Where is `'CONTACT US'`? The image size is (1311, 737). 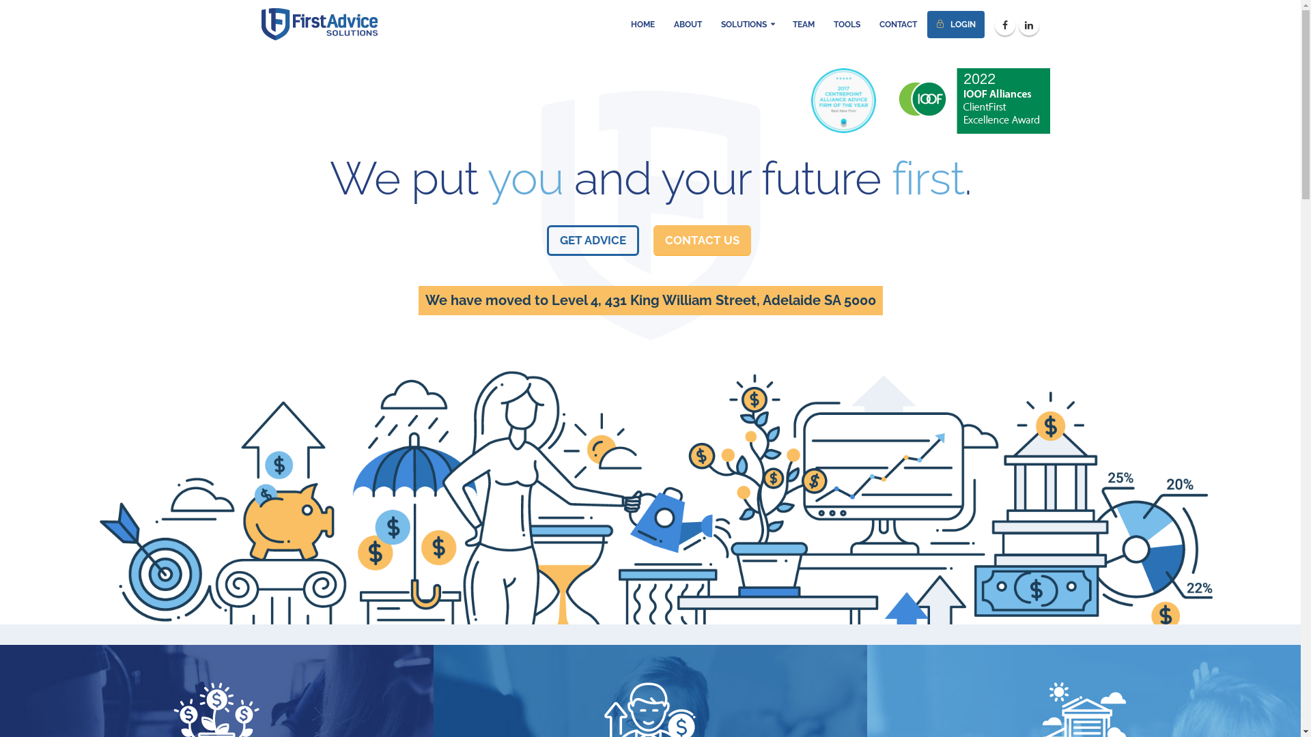
'CONTACT US' is located at coordinates (703, 242).